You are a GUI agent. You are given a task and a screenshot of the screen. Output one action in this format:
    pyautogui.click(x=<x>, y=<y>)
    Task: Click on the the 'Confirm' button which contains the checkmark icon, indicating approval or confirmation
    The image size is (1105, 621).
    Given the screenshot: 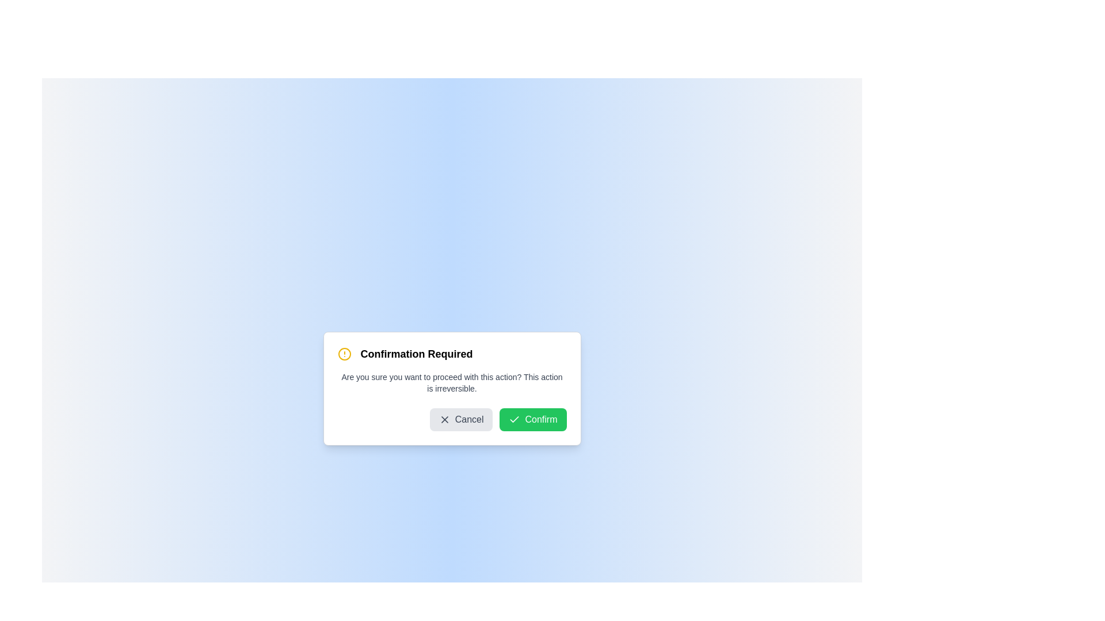 What is the action you would take?
    pyautogui.click(x=514, y=419)
    